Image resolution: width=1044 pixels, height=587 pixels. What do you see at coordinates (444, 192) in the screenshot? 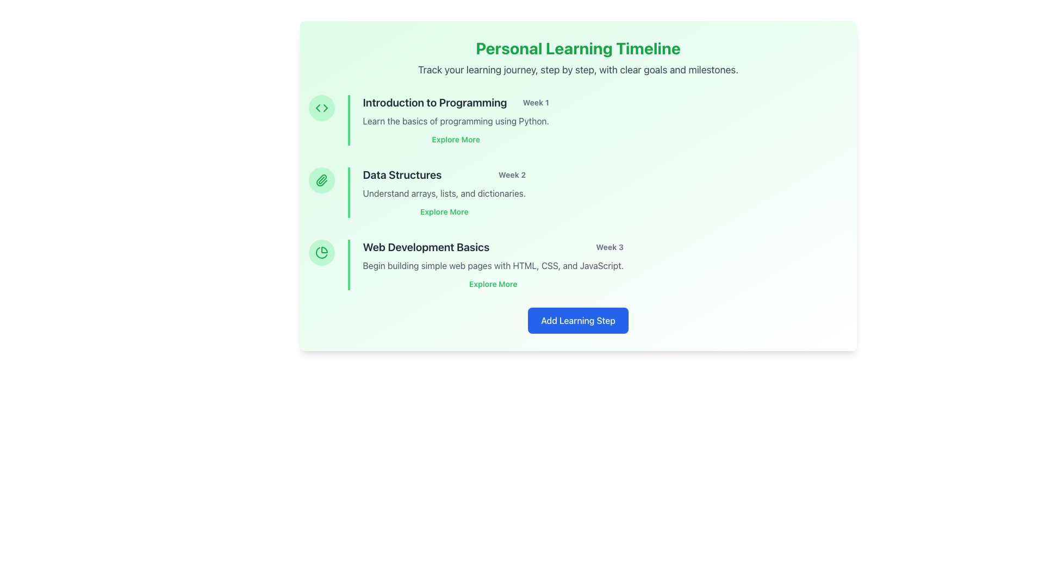
I see `the Text element displaying 'Understand arrays, lists, and dictionaries.' which is located below the 'Data Structures' heading and above the 'Explore More' link` at bounding box center [444, 192].